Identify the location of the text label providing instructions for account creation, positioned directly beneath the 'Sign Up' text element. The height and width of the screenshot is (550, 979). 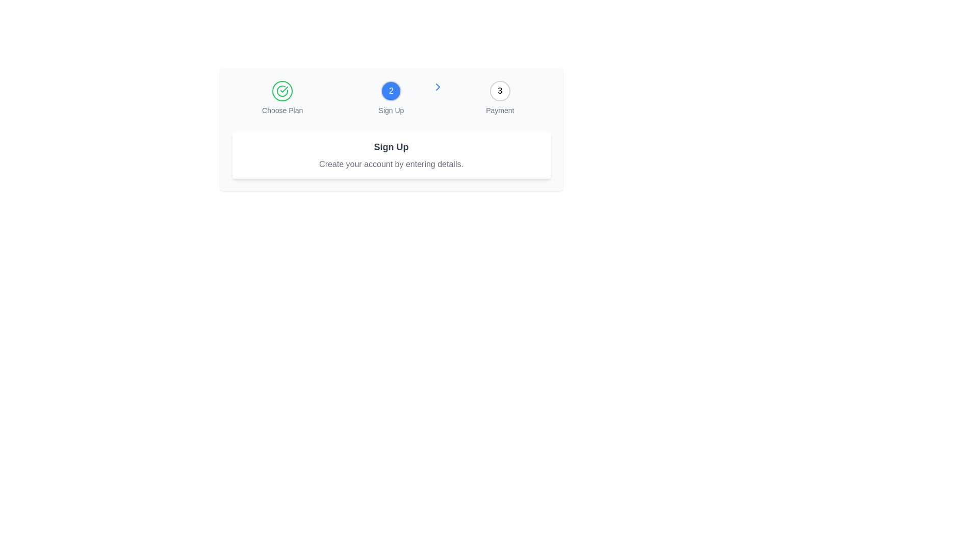
(391, 164).